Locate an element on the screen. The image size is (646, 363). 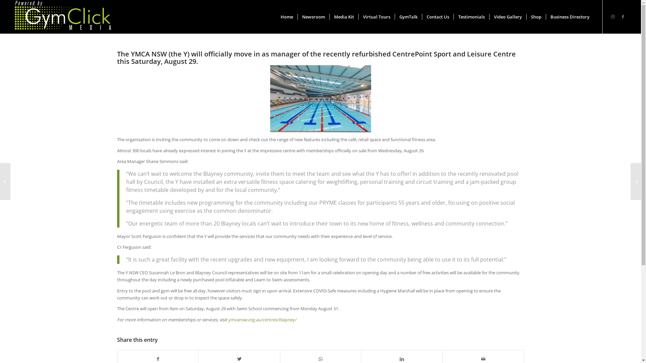
'GymTalk' is located at coordinates (408, 16).